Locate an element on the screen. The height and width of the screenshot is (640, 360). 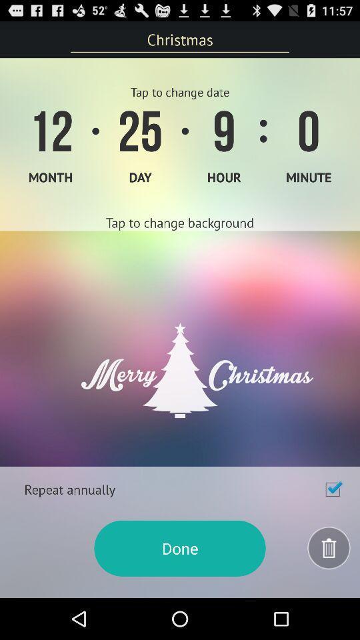
the item below the repeat annually icon is located at coordinates (180, 548).